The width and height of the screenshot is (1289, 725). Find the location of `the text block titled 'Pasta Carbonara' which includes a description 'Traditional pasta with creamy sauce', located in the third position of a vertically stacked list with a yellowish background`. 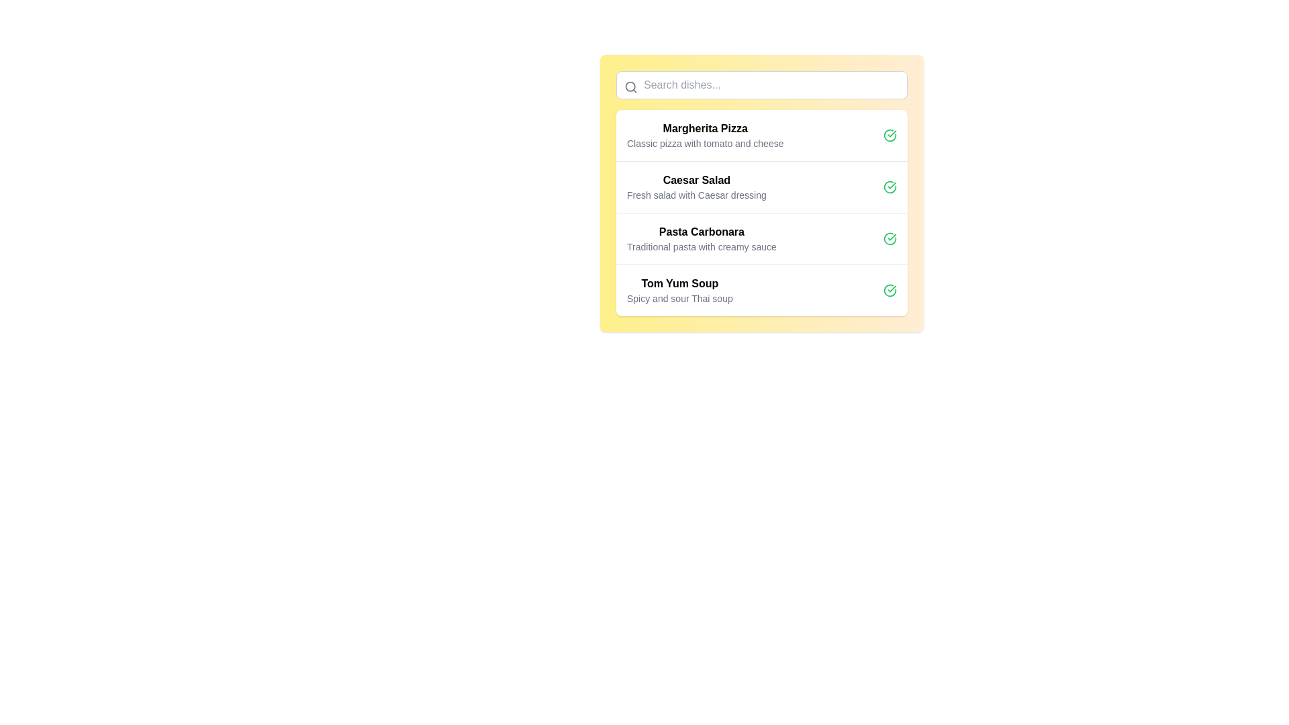

the text block titled 'Pasta Carbonara' which includes a description 'Traditional pasta with creamy sauce', located in the third position of a vertically stacked list with a yellowish background is located at coordinates (701, 238).